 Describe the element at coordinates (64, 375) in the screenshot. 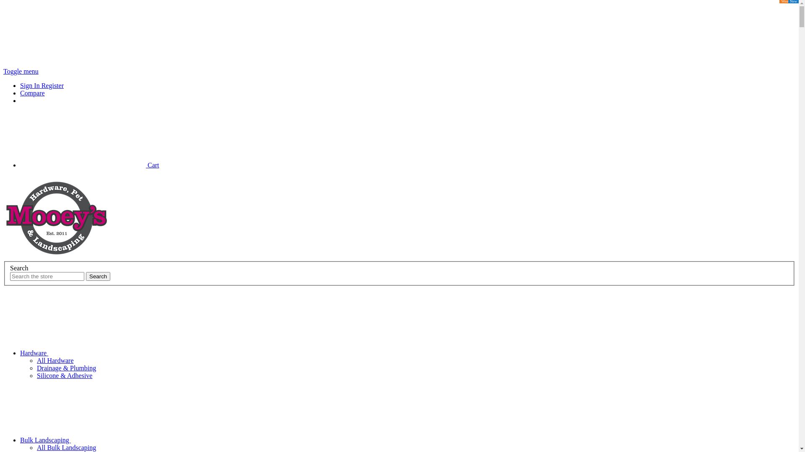

I see `'Silicone & Adhesive'` at that location.